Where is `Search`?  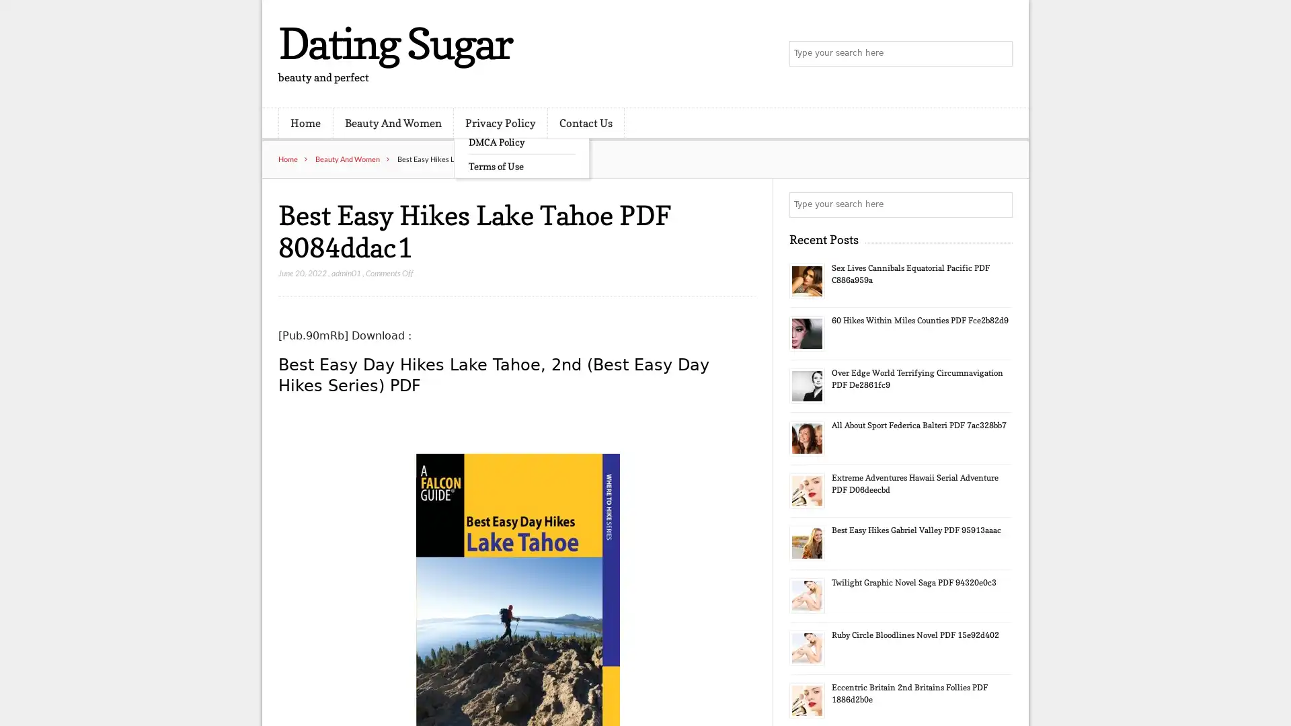 Search is located at coordinates (999, 204).